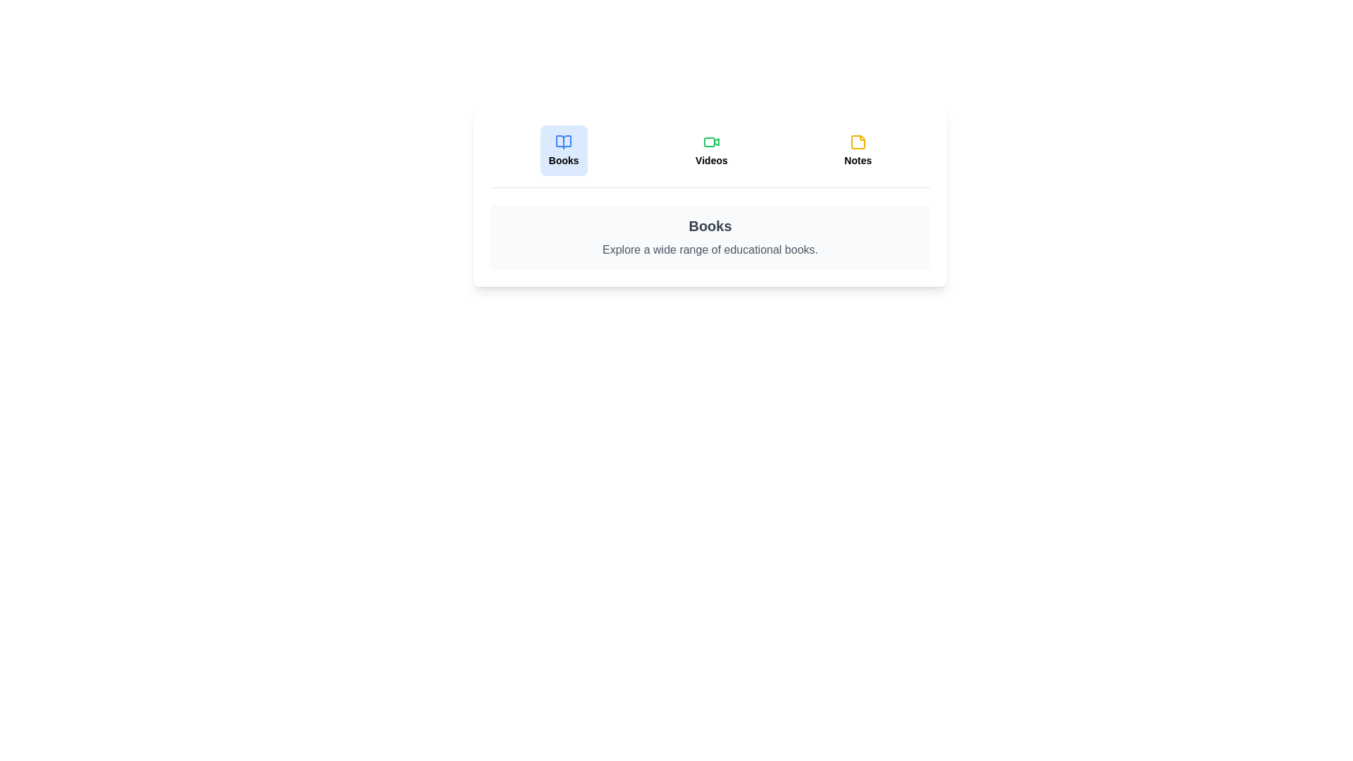 This screenshot has width=1353, height=761. Describe the element at coordinates (564, 150) in the screenshot. I see `the tab labeled 'Books' to observe its hover effect` at that location.